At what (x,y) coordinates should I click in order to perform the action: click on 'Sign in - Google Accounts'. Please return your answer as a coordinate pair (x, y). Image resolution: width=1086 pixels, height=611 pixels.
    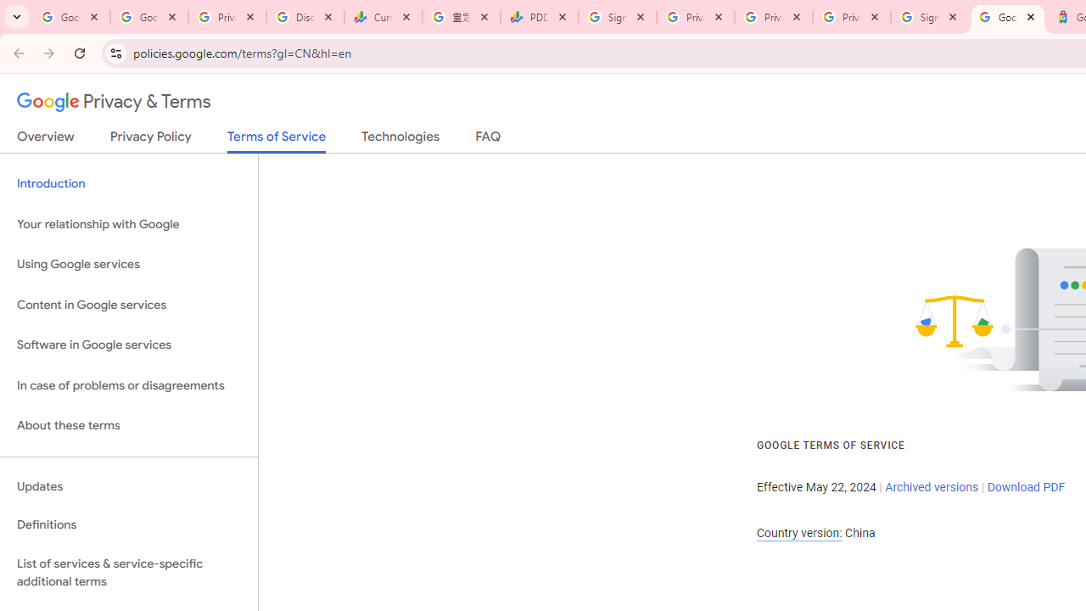
    Looking at the image, I should click on (928, 17).